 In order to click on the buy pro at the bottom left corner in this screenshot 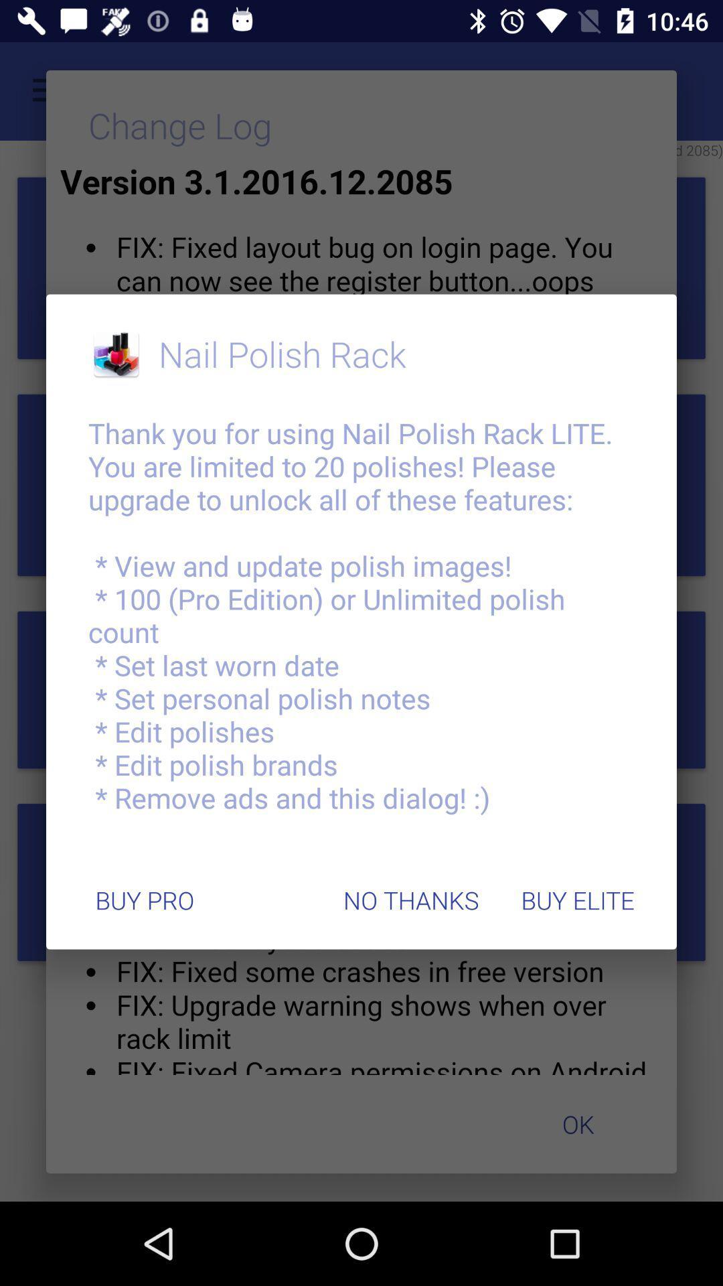, I will do `click(145, 900)`.